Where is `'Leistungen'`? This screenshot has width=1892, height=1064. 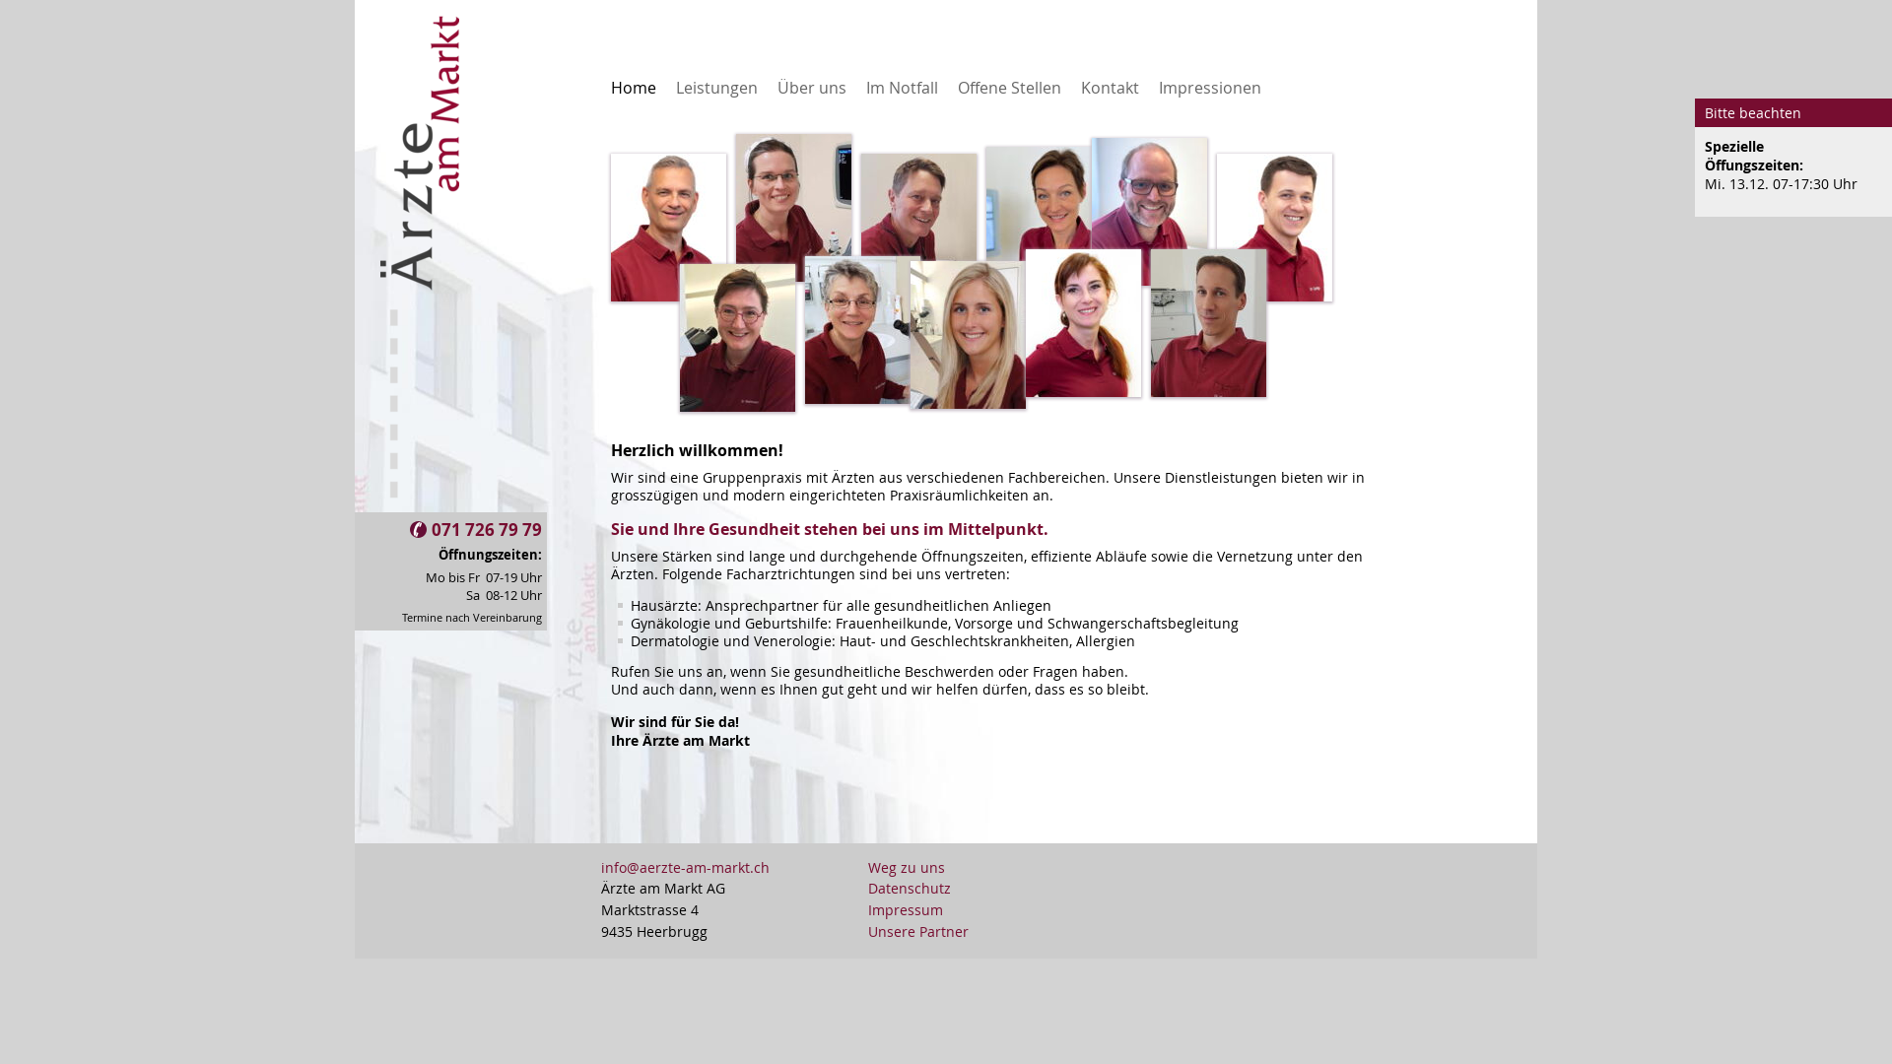 'Leistungen' is located at coordinates (715, 86).